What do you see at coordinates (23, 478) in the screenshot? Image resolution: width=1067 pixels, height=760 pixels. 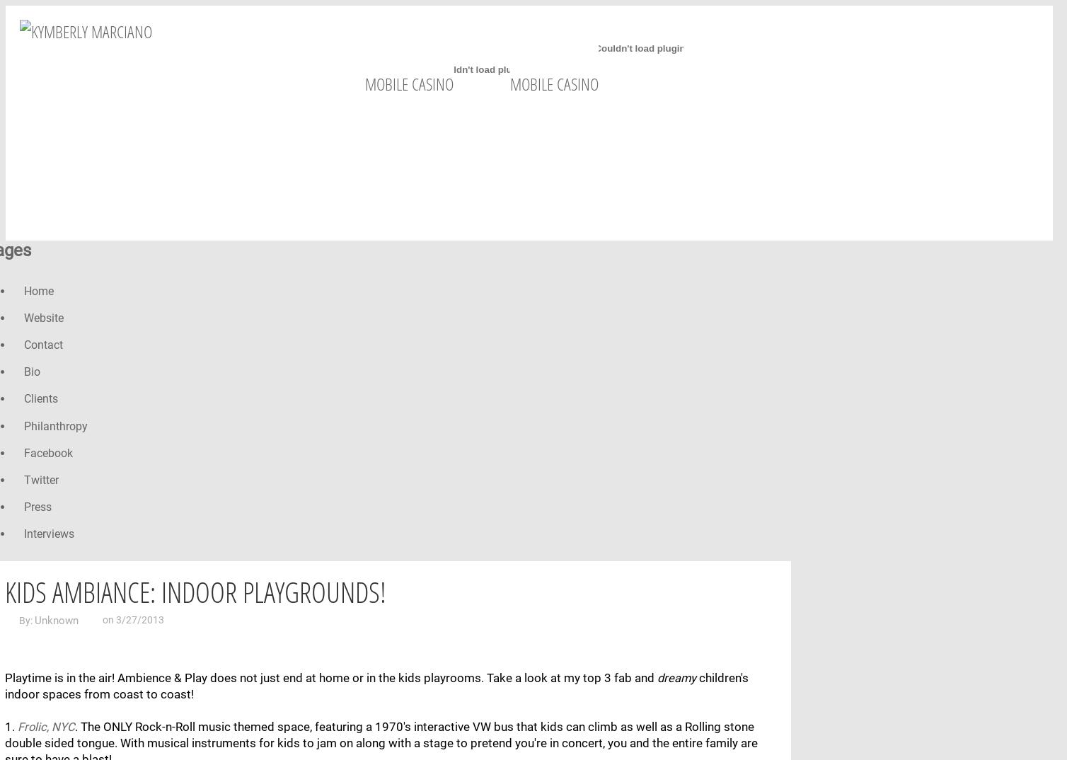 I see `'Twitter'` at bounding box center [23, 478].